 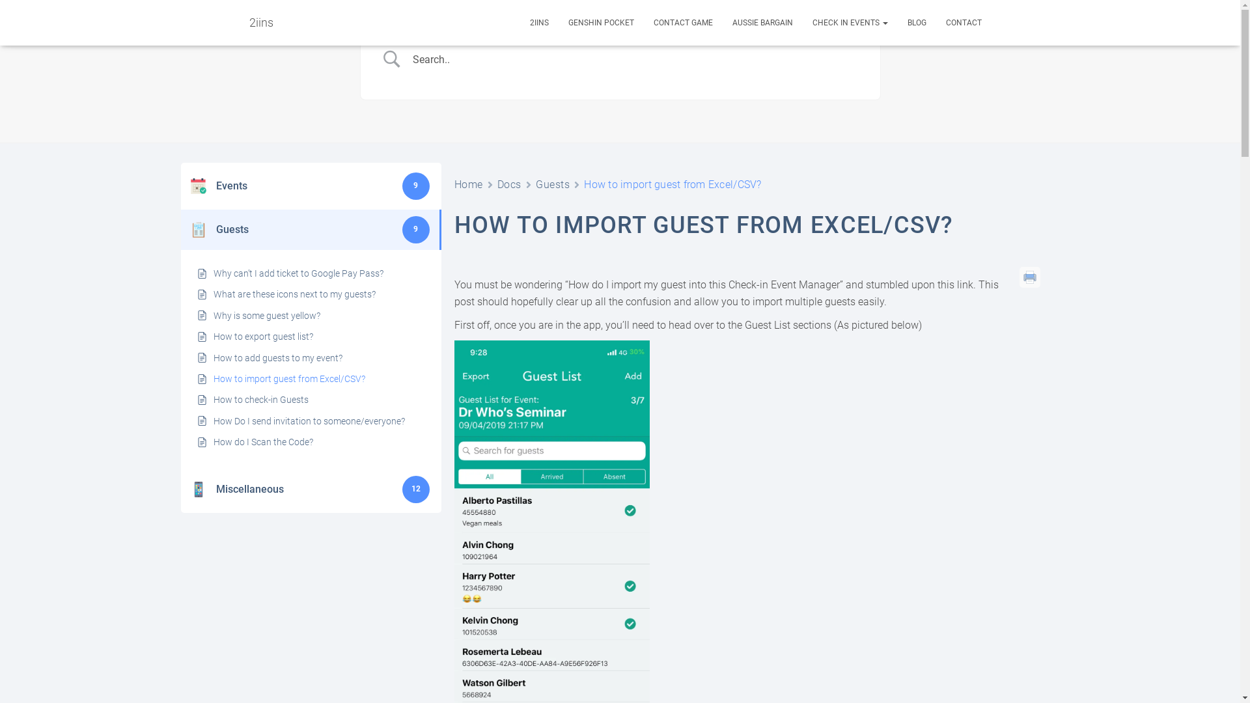 What do you see at coordinates (850, 22) in the screenshot?
I see `'CHECK IN EVENTS'` at bounding box center [850, 22].